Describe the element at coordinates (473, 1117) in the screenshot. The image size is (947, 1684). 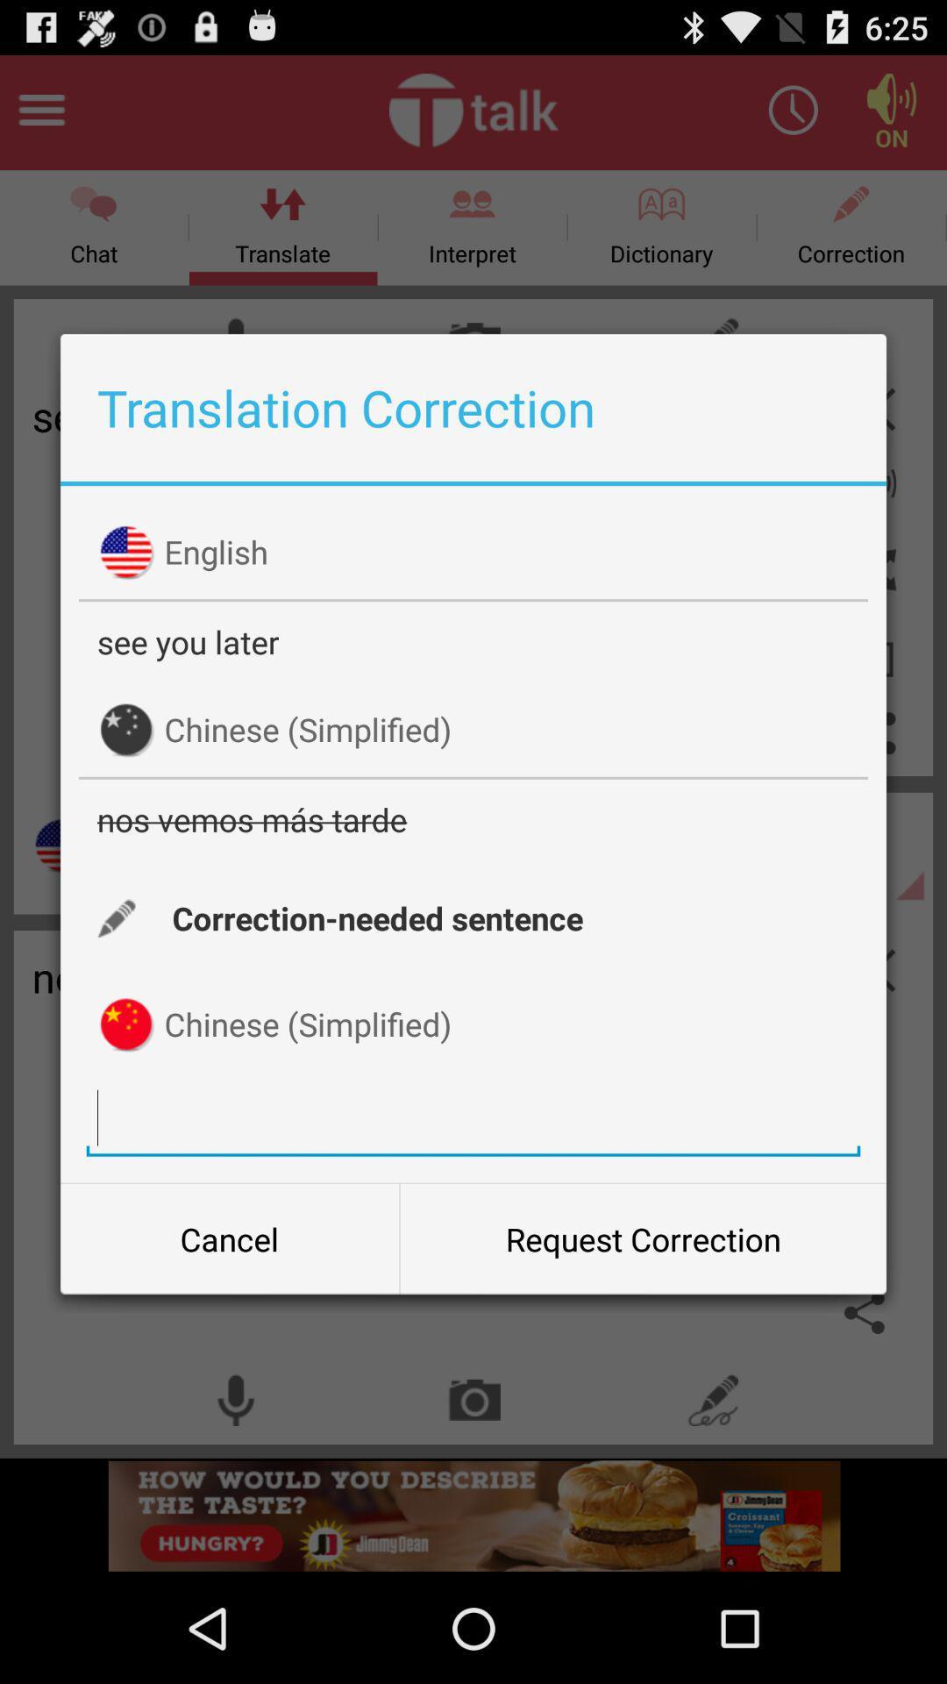
I see `text box` at that location.